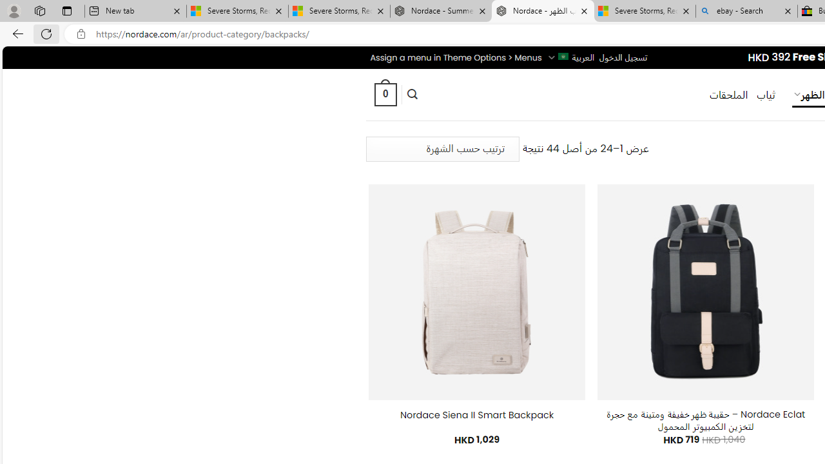 This screenshot has height=464, width=825. I want to click on 'Nordace - Summer Adventures 2024', so click(441, 11).